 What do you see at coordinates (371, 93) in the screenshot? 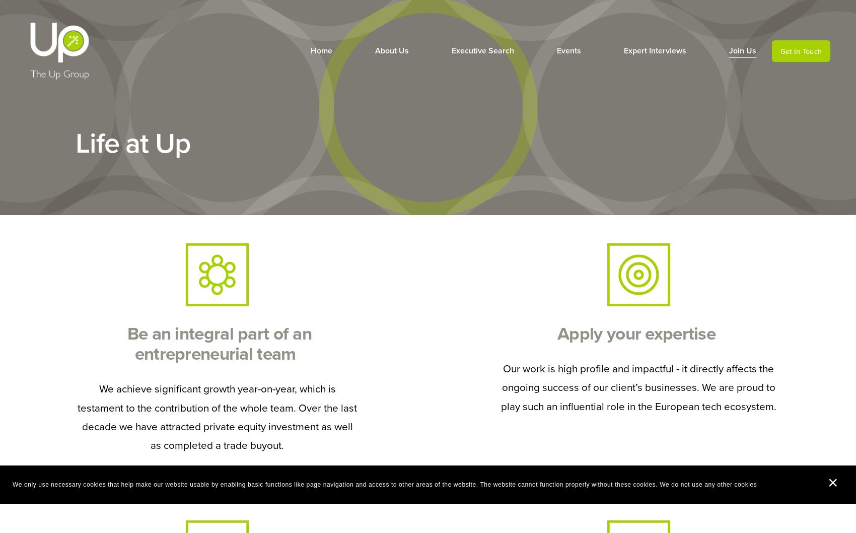
I see `'Our Unique Platform'` at bounding box center [371, 93].